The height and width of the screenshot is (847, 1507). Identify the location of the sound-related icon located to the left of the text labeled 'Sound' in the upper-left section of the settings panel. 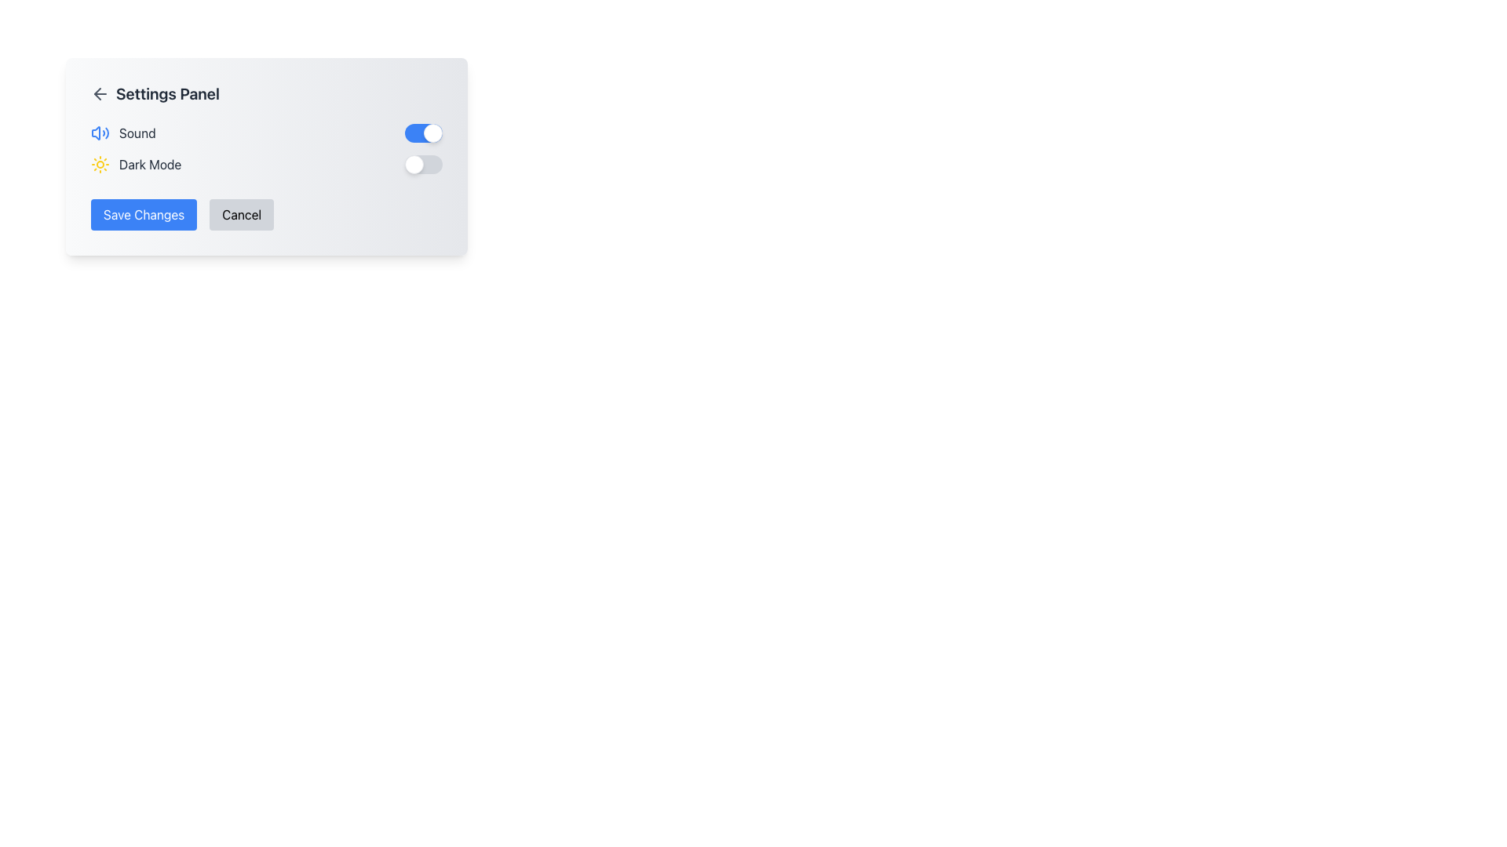
(95, 132).